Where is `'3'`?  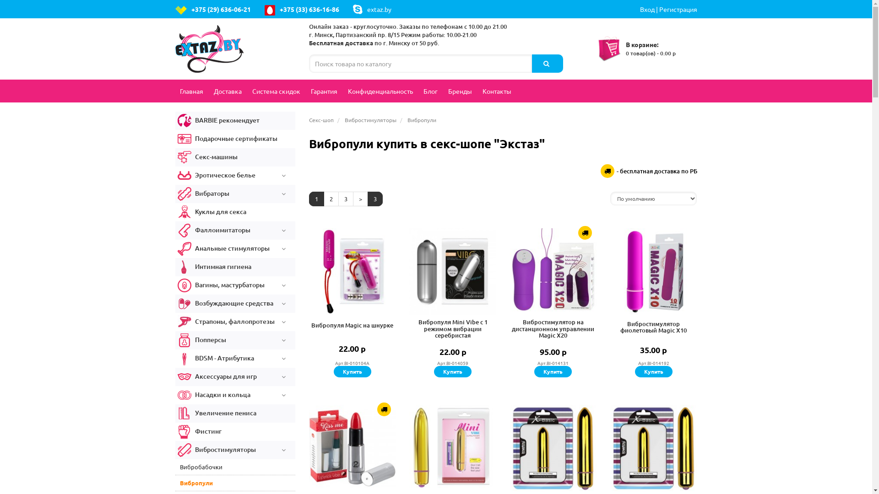
'3' is located at coordinates (338, 199).